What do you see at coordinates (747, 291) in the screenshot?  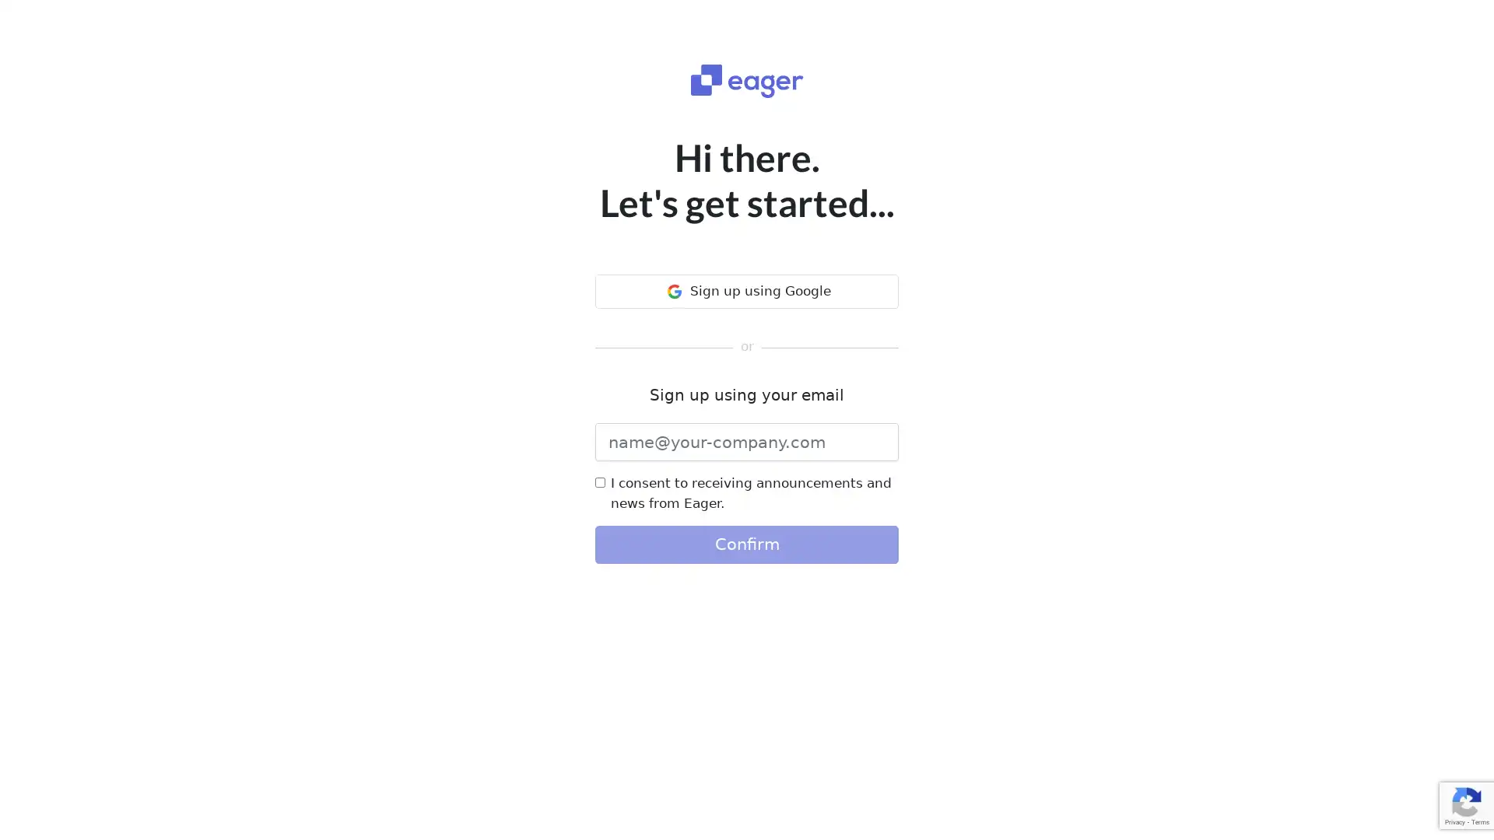 I see `Sign in with Google Sign up using Google` at bounding box center [747, 291].